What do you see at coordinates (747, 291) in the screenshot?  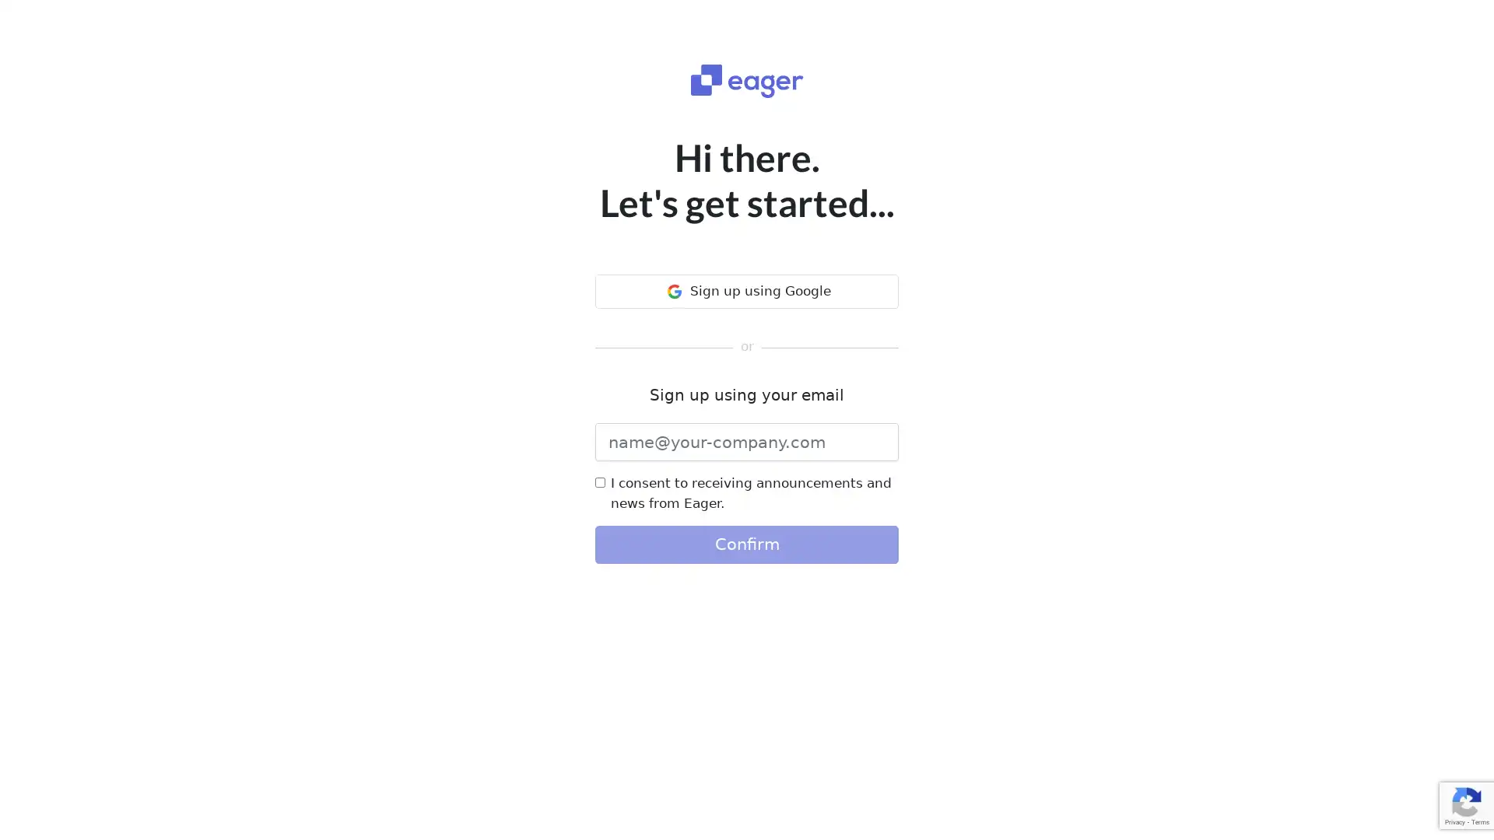 I see `Sign in with Google Sign up using Google` at bounding box center [747, 291].